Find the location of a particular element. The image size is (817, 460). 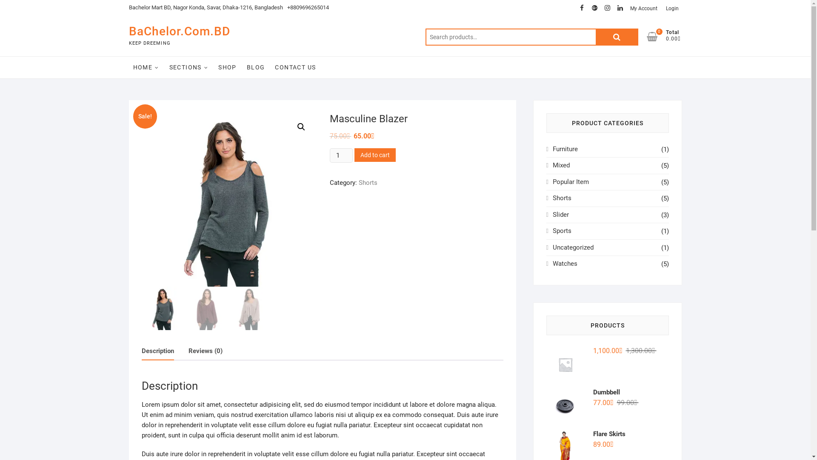

'Shorts' is located at coordinates (368, 182).